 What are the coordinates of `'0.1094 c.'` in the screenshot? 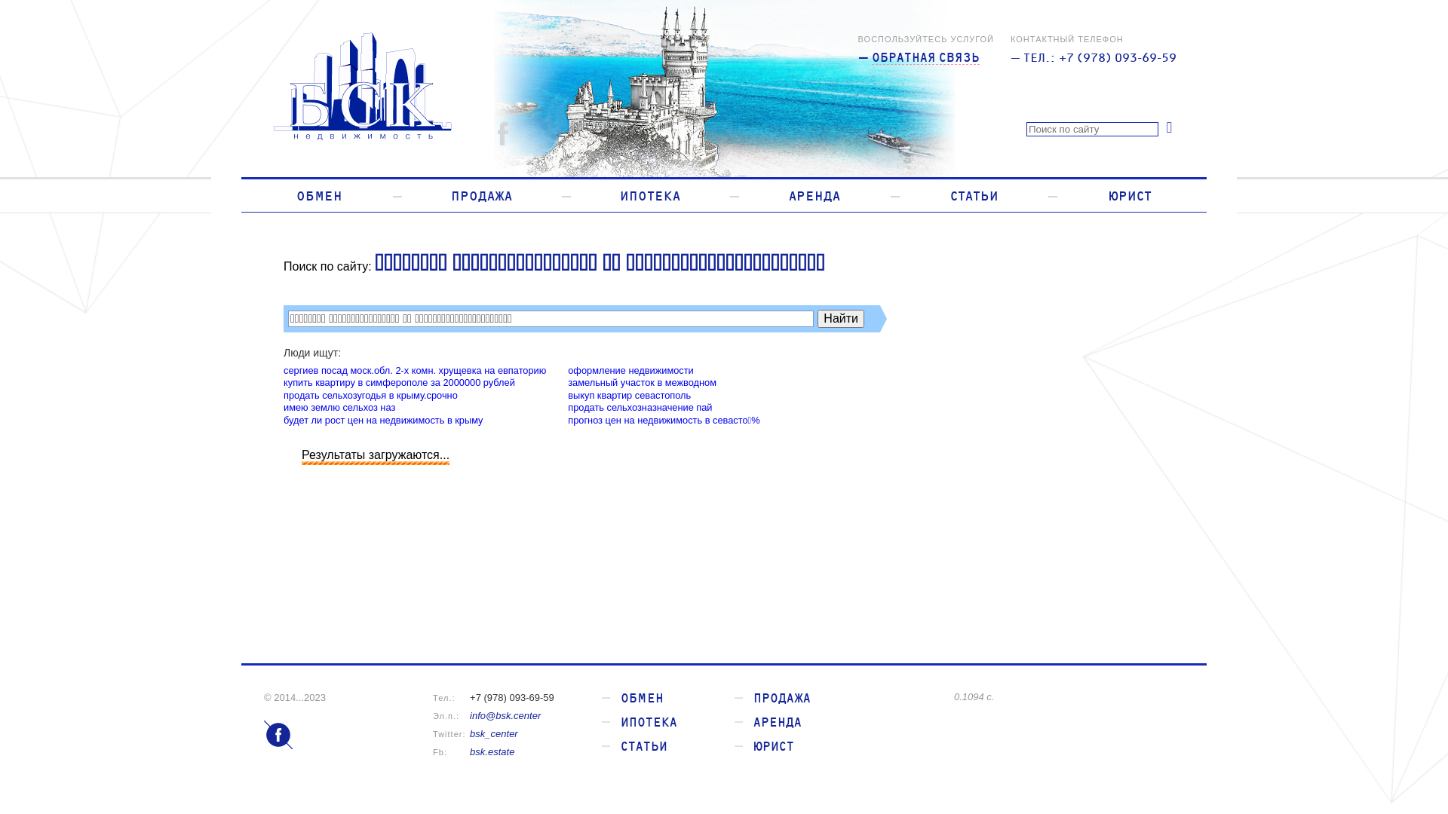 It's located at (1068, 696).